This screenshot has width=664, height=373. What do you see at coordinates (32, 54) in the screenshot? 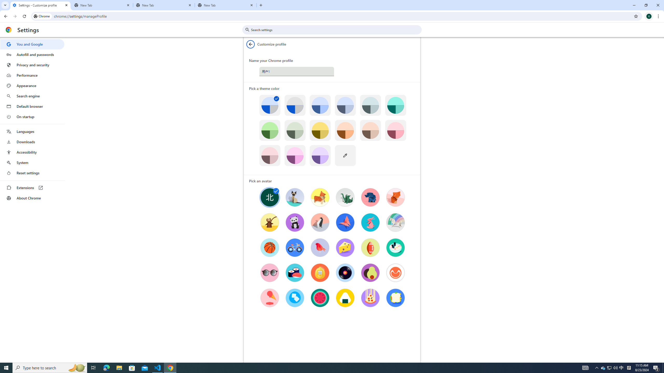
I see `'Autofill and passwords'` at bounding box center [32, 54].